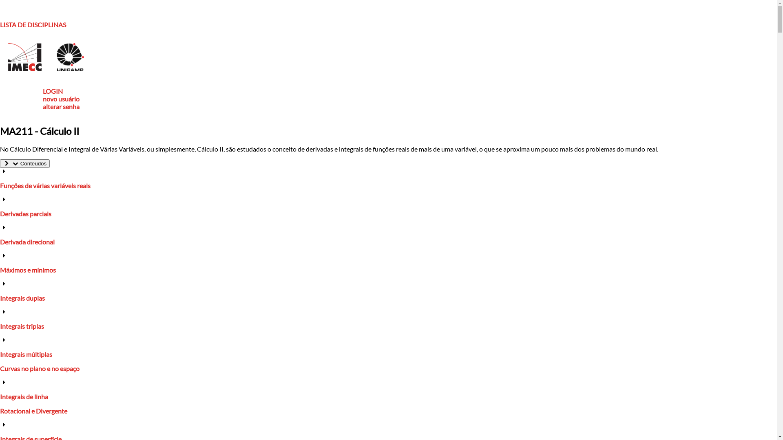  What do you see at coordinates (52, 91) in the screenshot?
I see `'LOGIN'` at bounding box center [52, 91].